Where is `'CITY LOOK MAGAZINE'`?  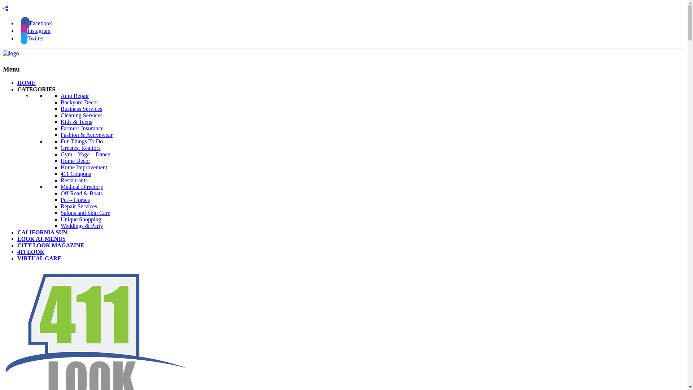 'CITY LOOK MAGAZINE' is located at coordinates (50, 245).